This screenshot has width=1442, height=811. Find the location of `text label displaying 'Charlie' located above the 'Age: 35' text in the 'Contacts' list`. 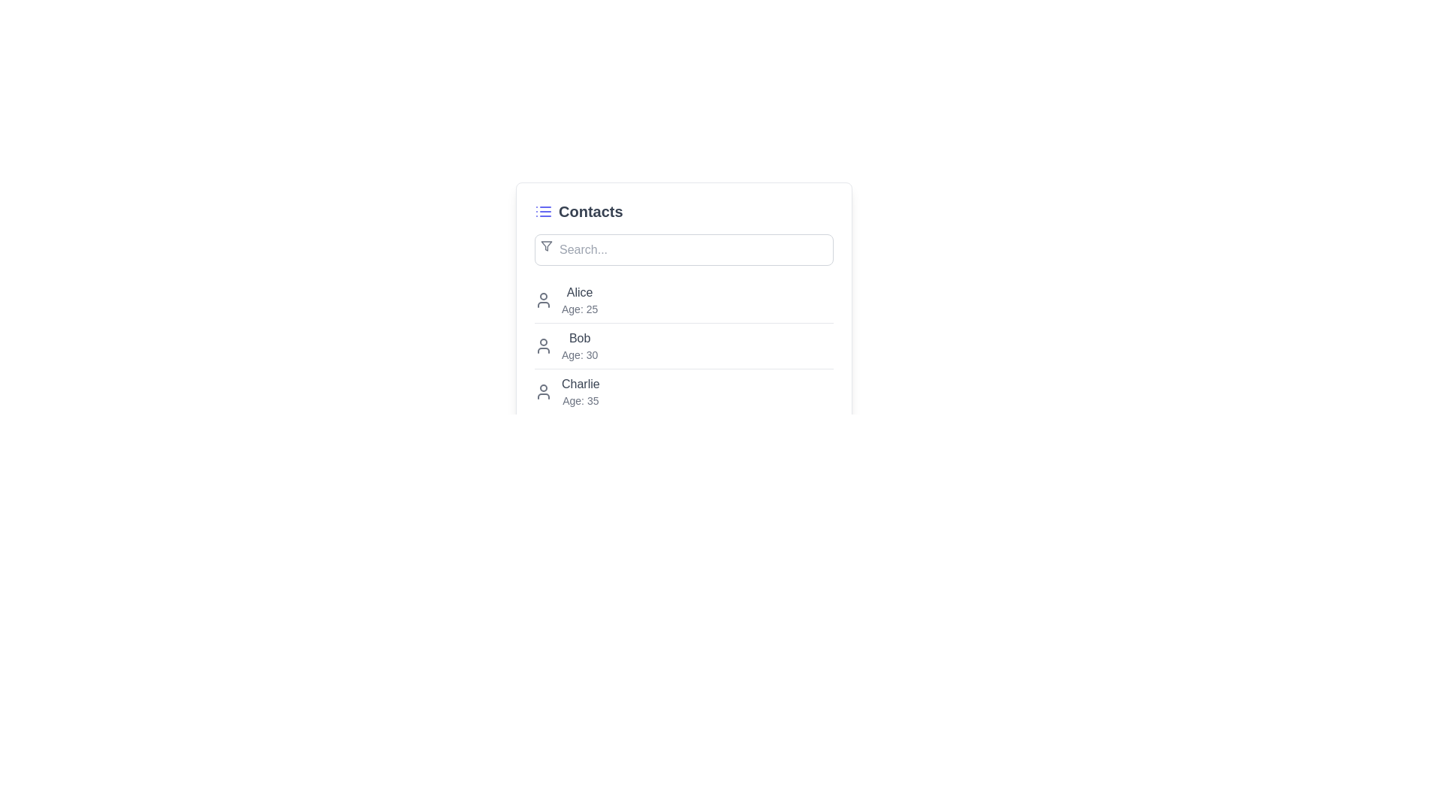

text label displaying 'Charlie' located above the 'Age: 35' text in the 'Contacts' list is located at coordinates (580, 384).